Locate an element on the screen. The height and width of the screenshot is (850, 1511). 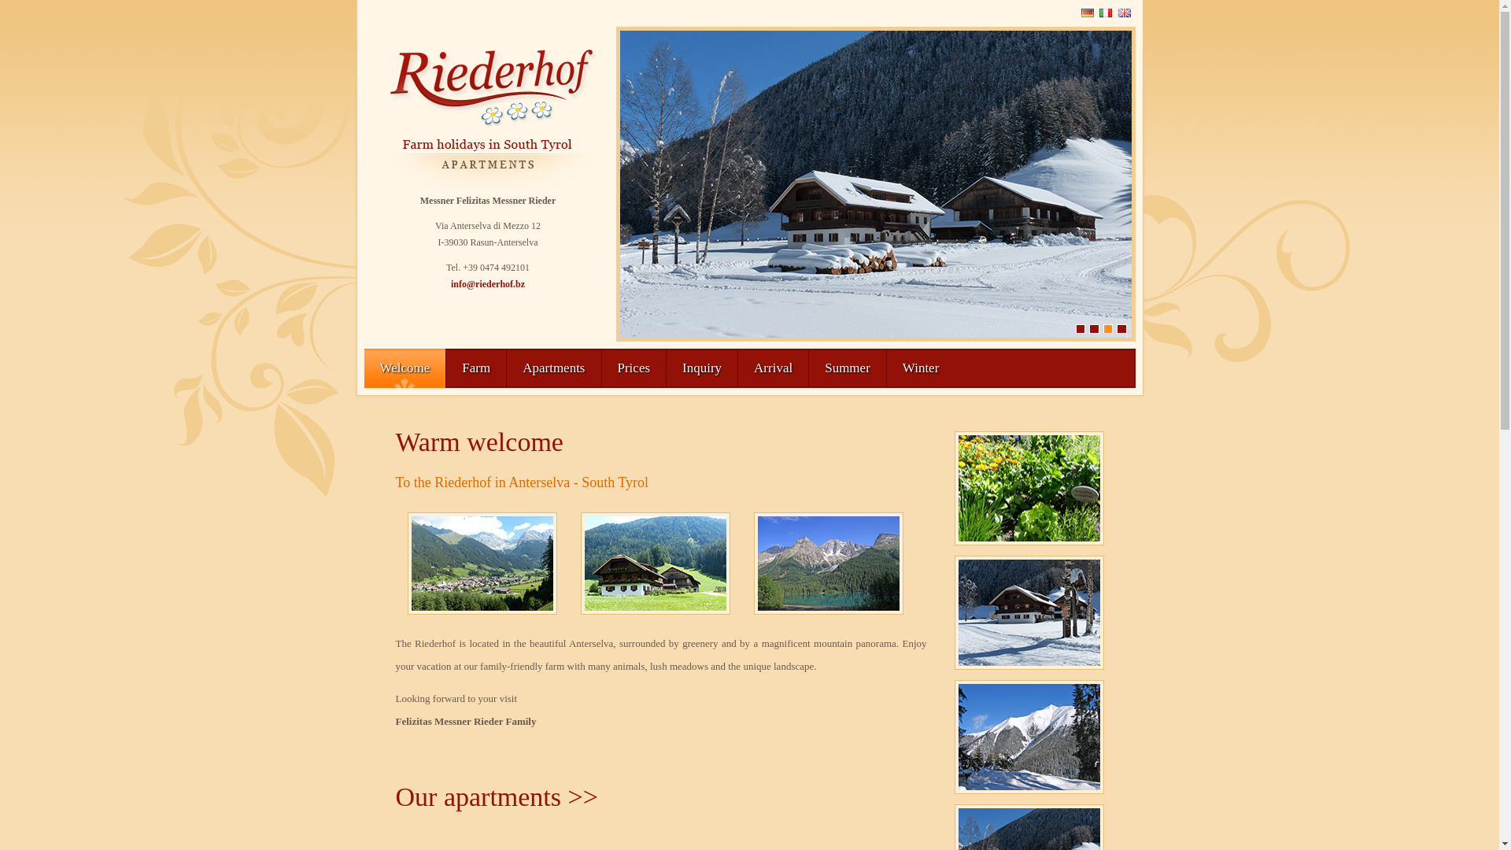
'Winter' is located at coordinates (887, 368).